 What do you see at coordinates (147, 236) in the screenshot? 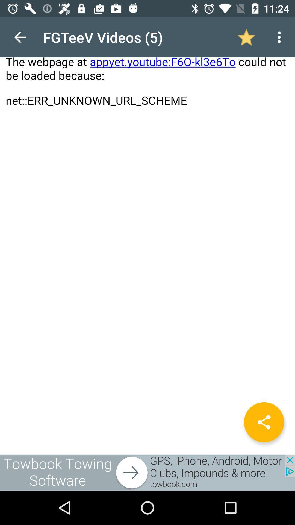
I see `erro` at bounding box center [147, 236].